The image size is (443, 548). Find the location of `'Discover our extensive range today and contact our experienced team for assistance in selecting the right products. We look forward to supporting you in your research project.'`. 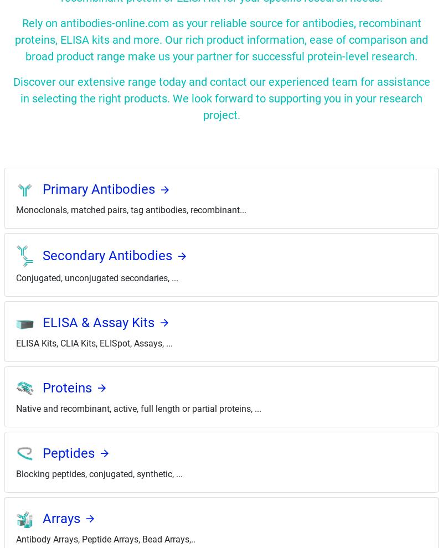

'Discover our extensive range today and contact our experienced team for assistance in selecting the right products. We look forward to supporting you in your research project.' is located at coordinates (220, 98).